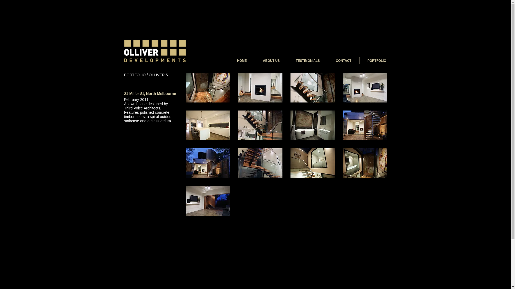  What do you see at coordinates (241, 60) in the screenshot?
I see `'HOME'` at bounding box center [241, 60].